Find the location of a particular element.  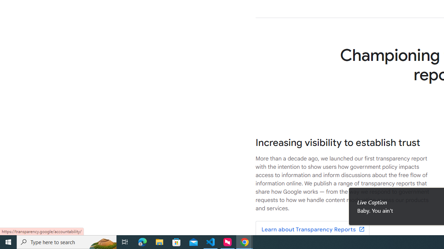

'Go to Transparency Report About web page' is located at coordinates (312, 230).